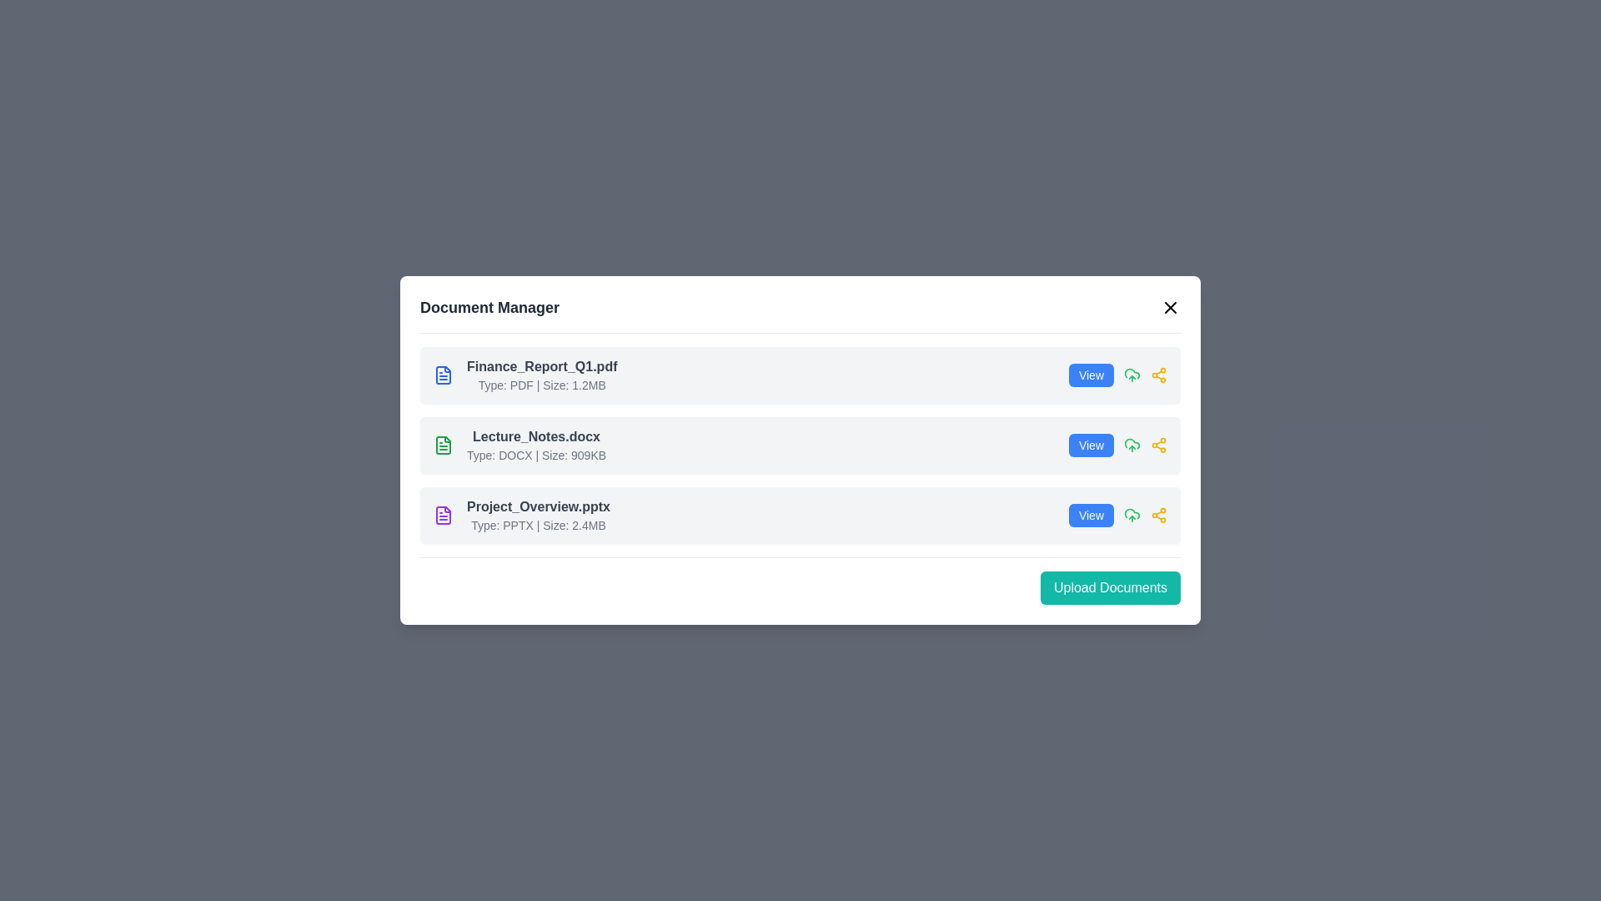  I want to click on the blue 'View' button, which is located to the right of the file description for 'Lecture_Notes.docx' in the second item of the list, so click(1117, 444).